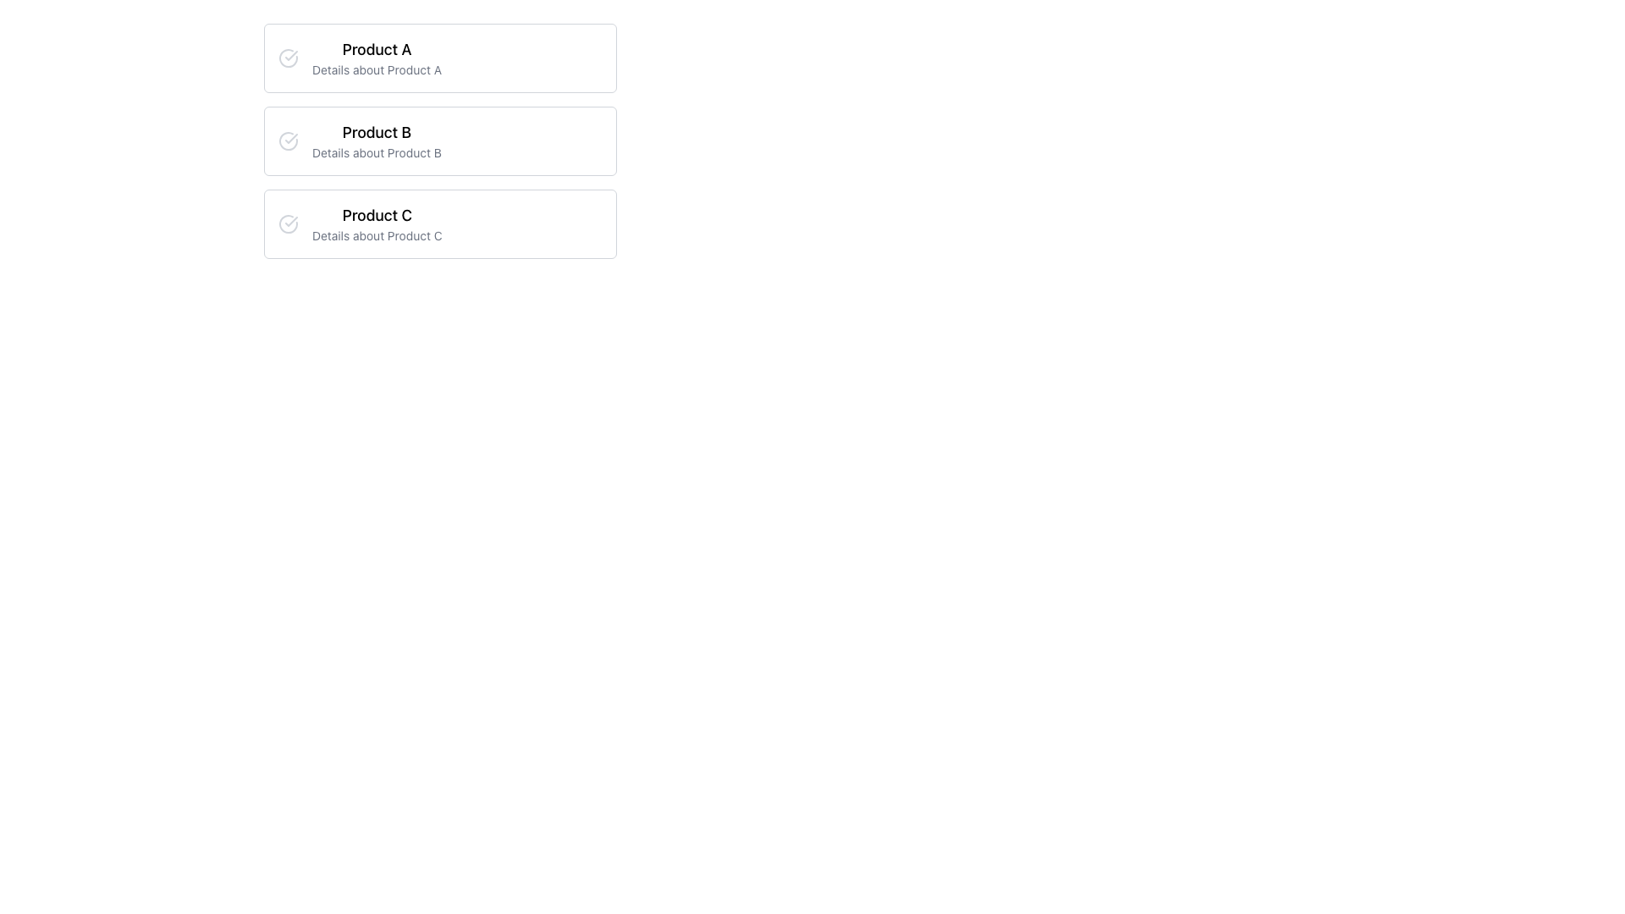 This screenshot has width=1625, height=914. Describe the element at coordinates (376, 153) in the screenshot. I see `the Text Label that provides additional descriptive information about the product labeled 'Product B', which is positioned below the title text and centrally aligned in the vertical list of products` at that location.